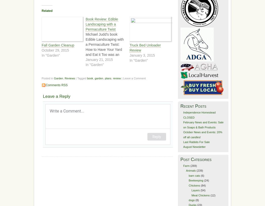 This screenshot has width=265, height=206. Describe the element at coordinates (185, 170) in the screenshot. I see `'Animals'` at that location.